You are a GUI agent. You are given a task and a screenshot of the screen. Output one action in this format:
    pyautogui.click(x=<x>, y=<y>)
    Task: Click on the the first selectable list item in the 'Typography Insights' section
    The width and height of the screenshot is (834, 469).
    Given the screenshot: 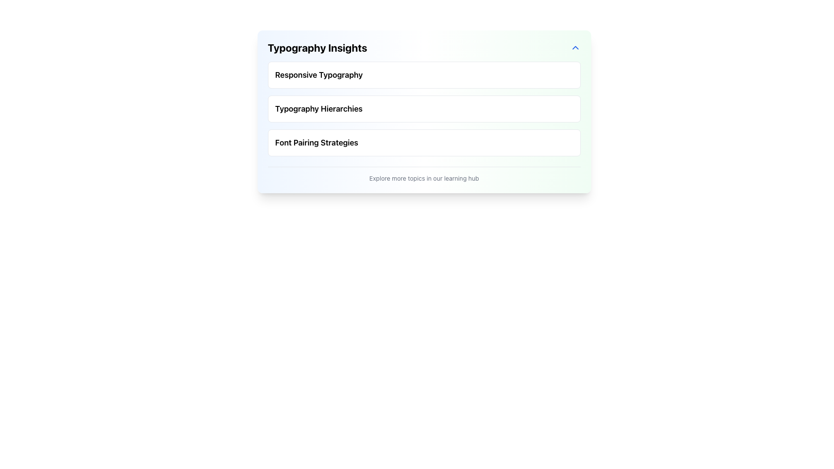 What is the action you would take?
    pyautogui.click(x=424, y=75)
    